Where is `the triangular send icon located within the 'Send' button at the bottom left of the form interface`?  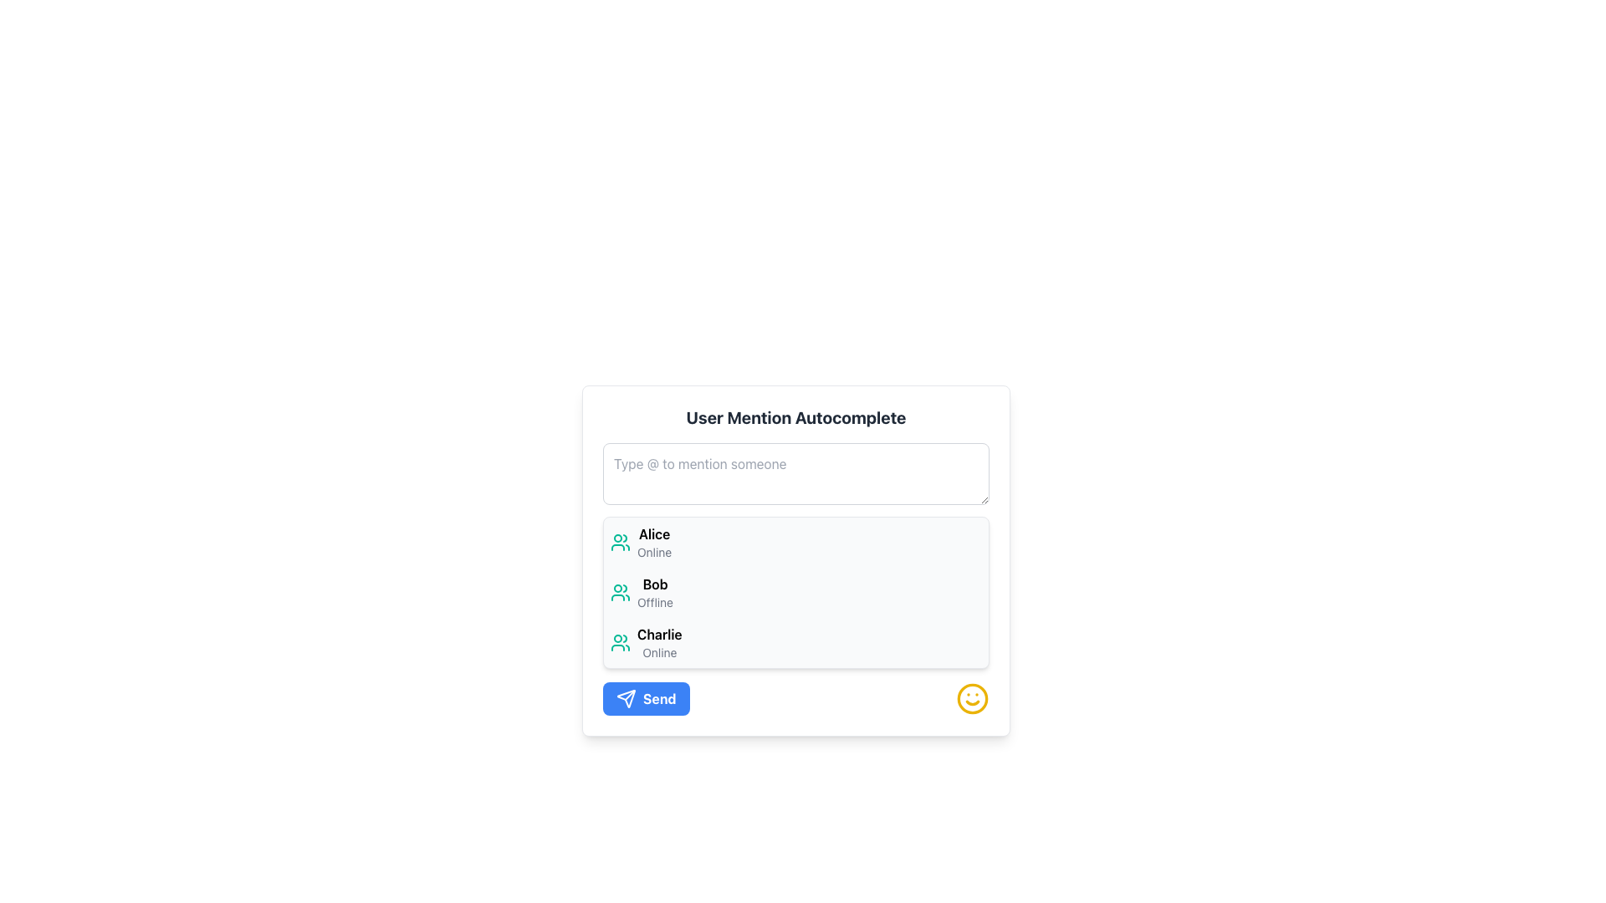 the triangular send icon located within the 'Send' button at the bottom left of the form interface is located at coordinates (625, 699).